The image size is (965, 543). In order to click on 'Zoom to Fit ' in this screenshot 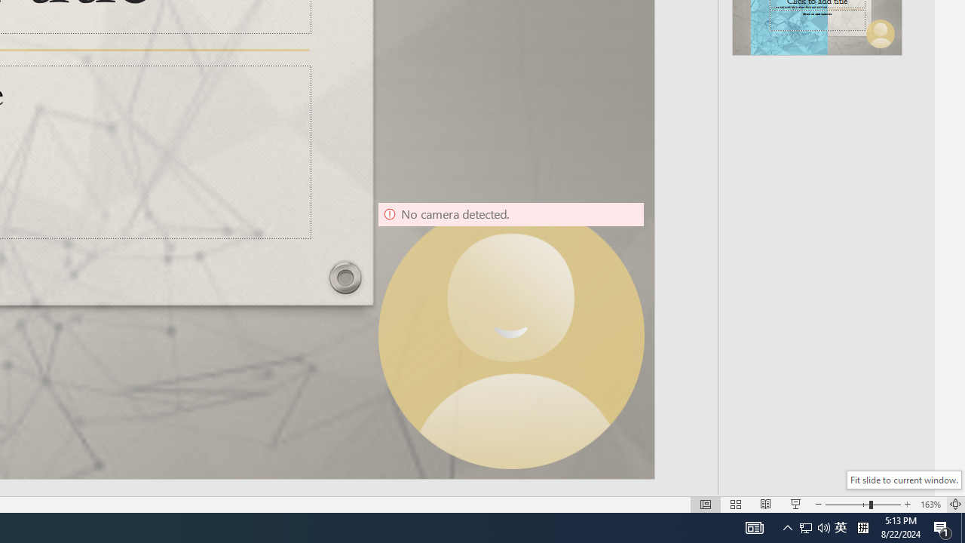, I will do `click(954, 505)`.